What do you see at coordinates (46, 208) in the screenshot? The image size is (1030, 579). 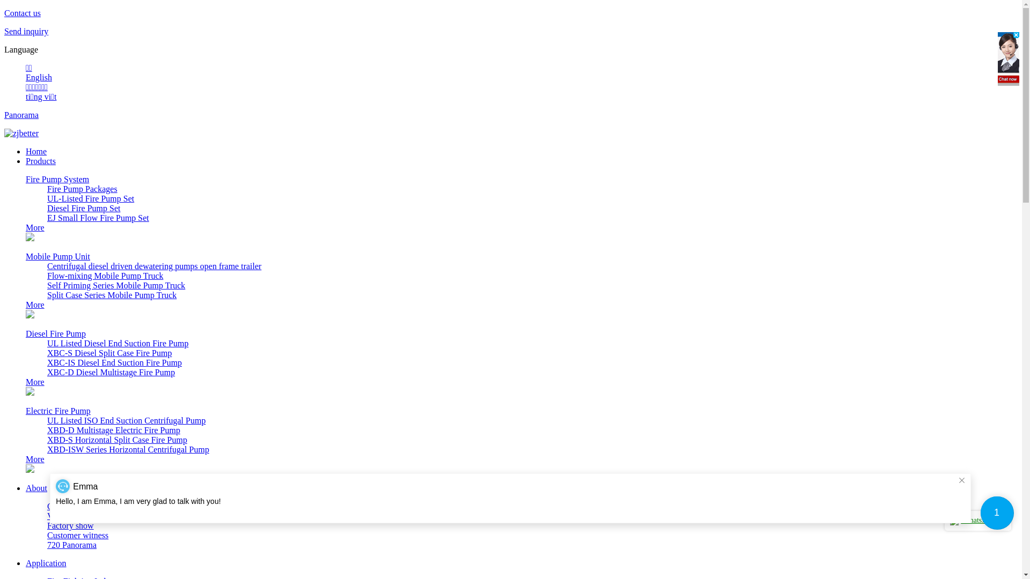 I see `'Diesel Fire Pump Set'` at bounding box center [46, 208].